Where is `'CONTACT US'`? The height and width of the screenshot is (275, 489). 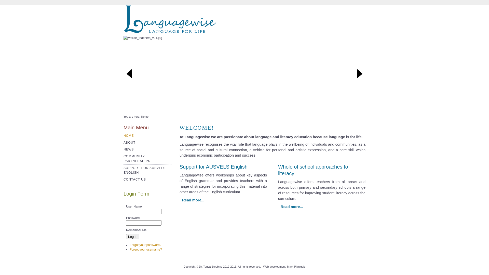 'CONTACT US' is located at coordinates (123, 179).